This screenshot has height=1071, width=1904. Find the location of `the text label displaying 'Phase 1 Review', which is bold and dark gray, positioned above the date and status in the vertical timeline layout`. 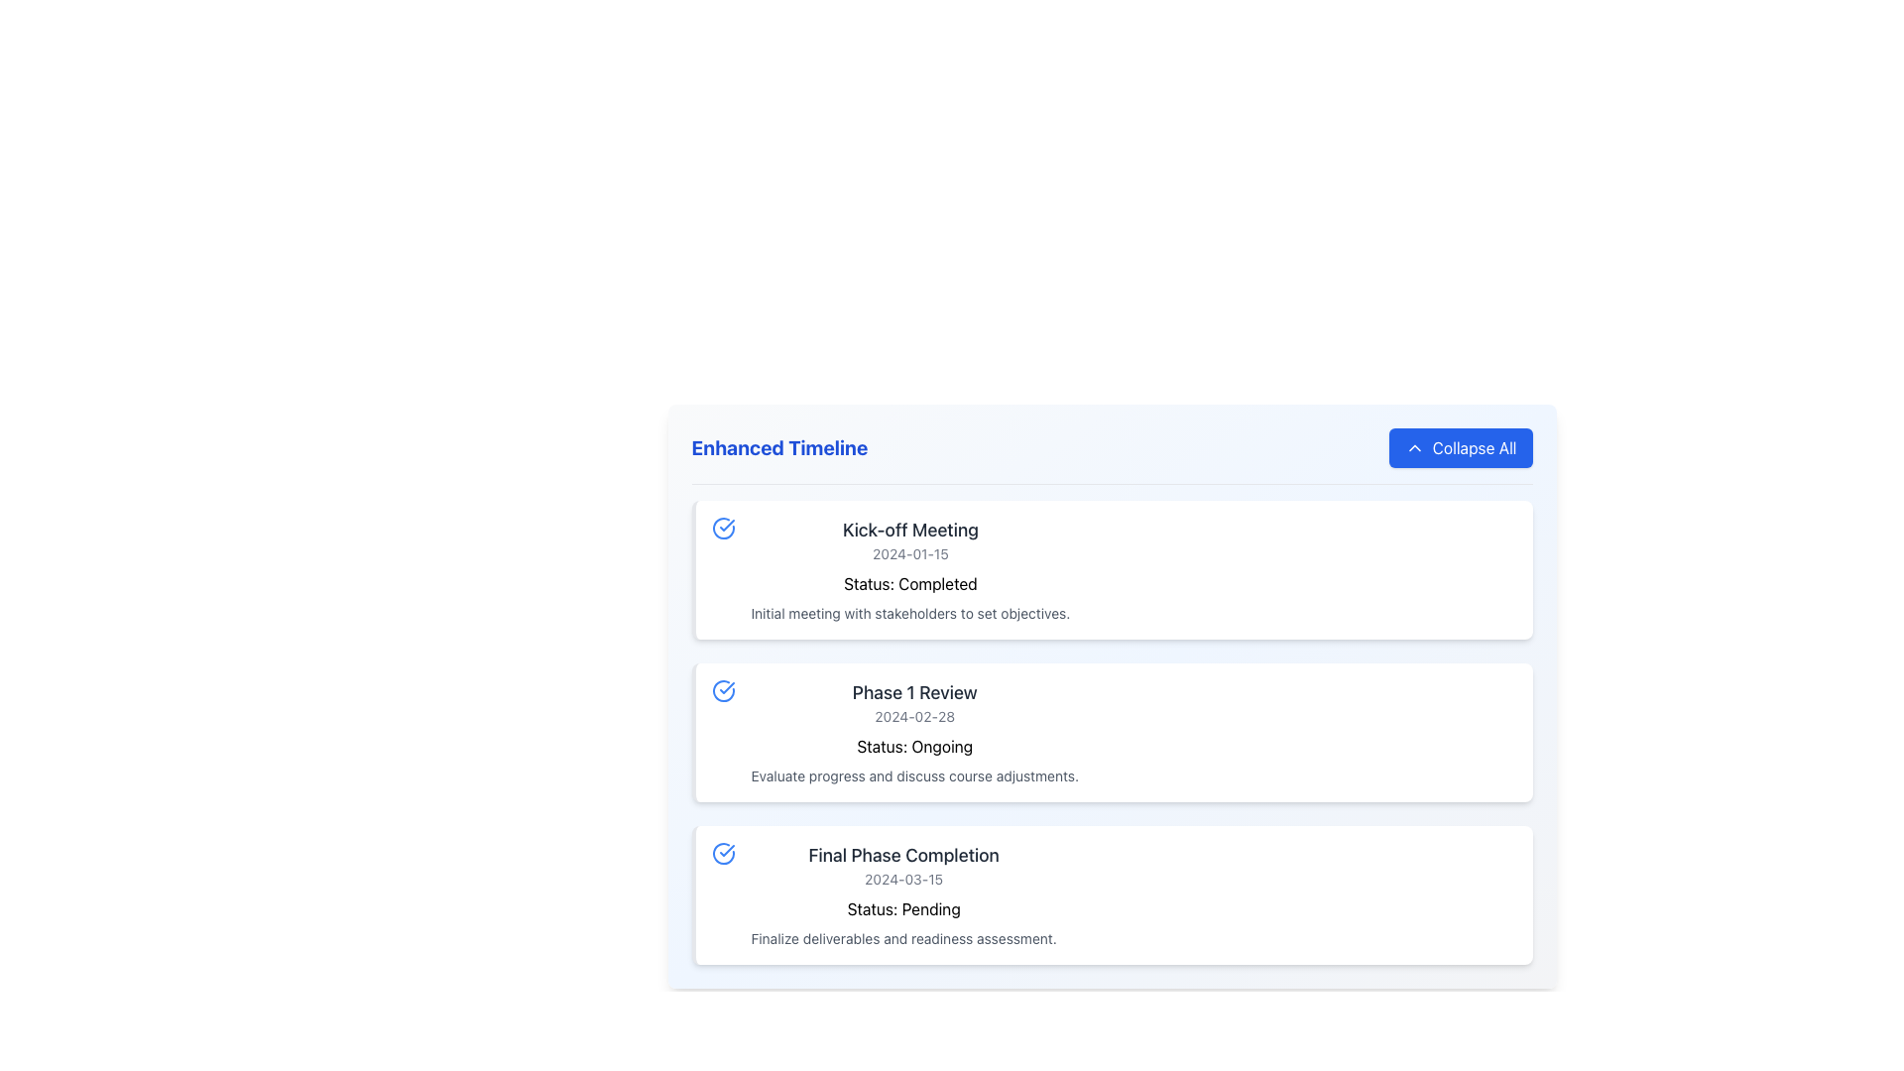

the text label displaying 'Phase 1 Review', which is bold and dark gray, positioned above the date and status in the vertical timeline layout is located at coordinates (913, 691).